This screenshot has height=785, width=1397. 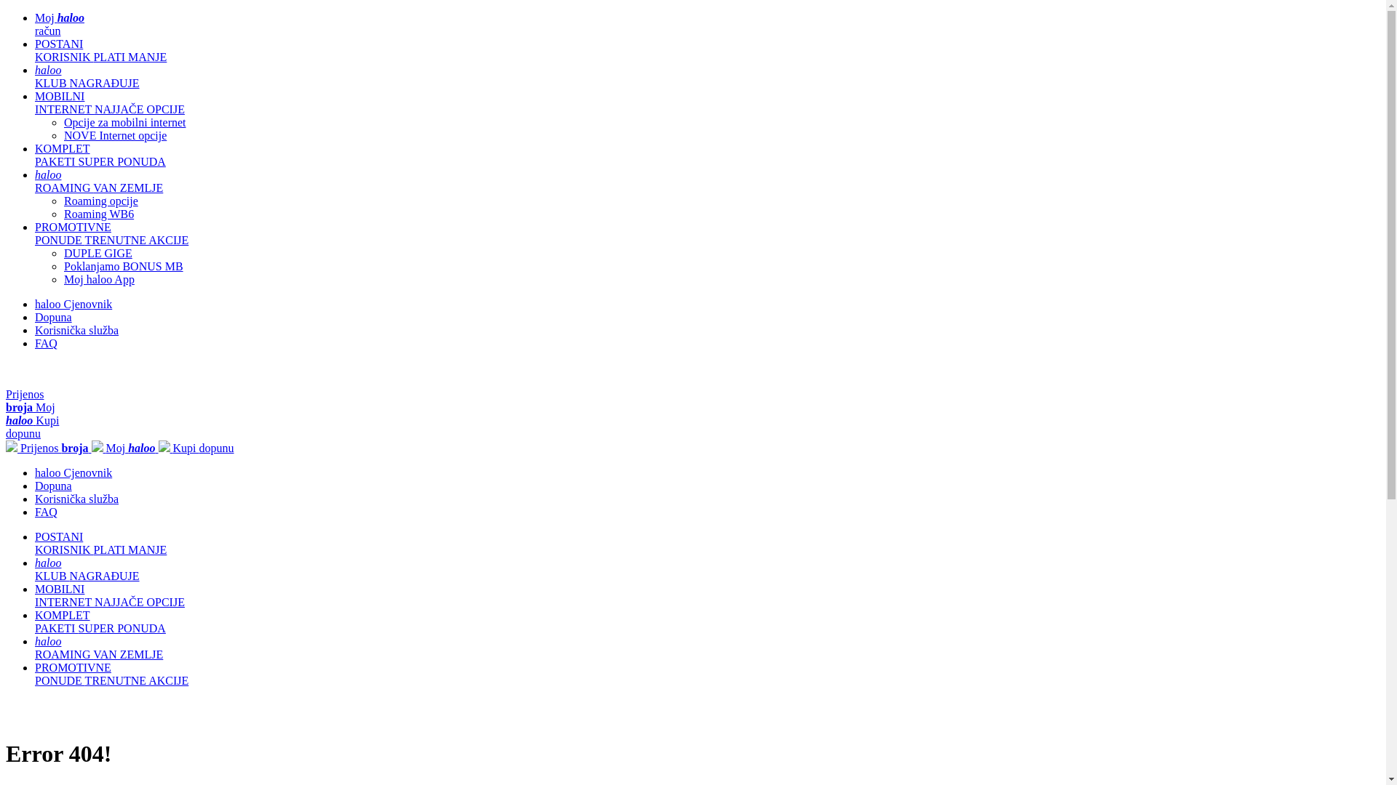 What do you see at coordinates (111, 674) in the screenshot?
I see `'PROMOTIVNE` at bounding box center [111, 674].